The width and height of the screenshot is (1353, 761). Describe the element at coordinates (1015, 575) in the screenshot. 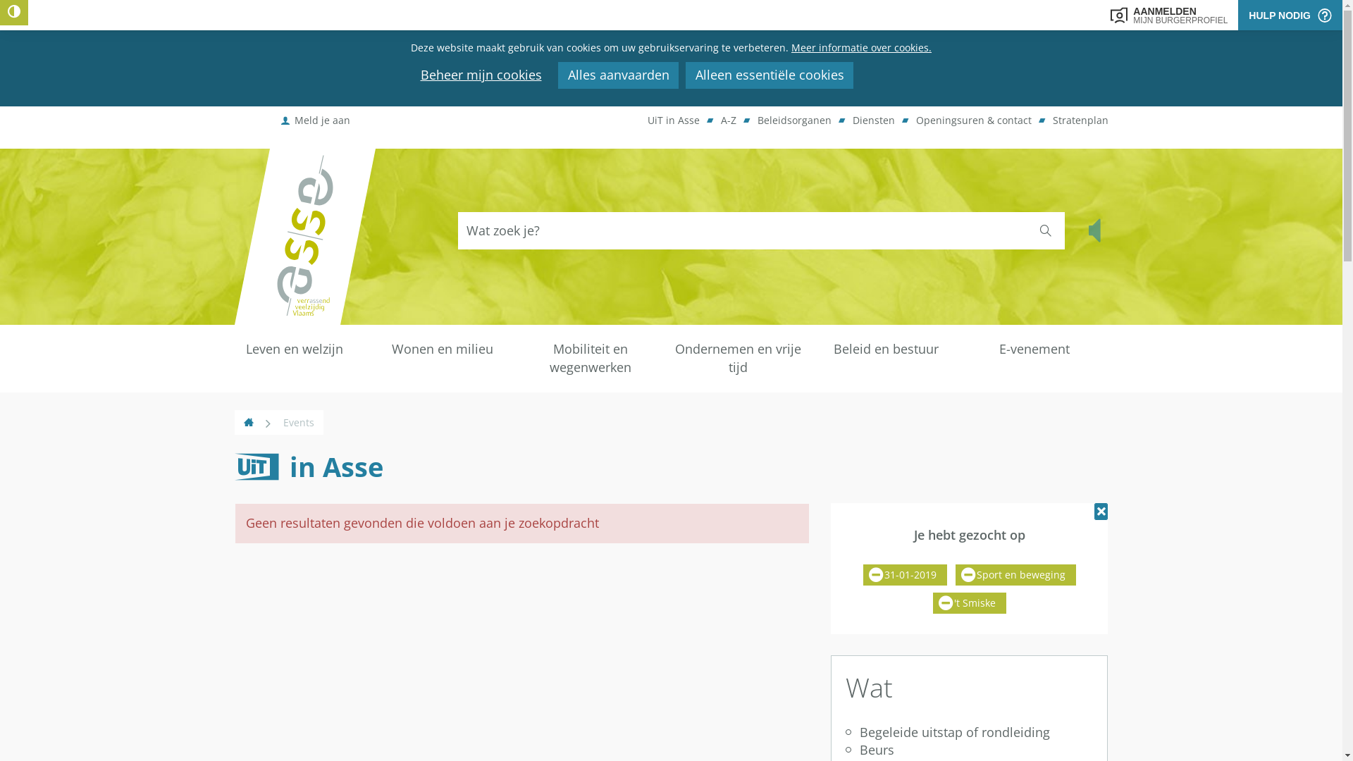

I see `'Sport en beweging'` at that location.